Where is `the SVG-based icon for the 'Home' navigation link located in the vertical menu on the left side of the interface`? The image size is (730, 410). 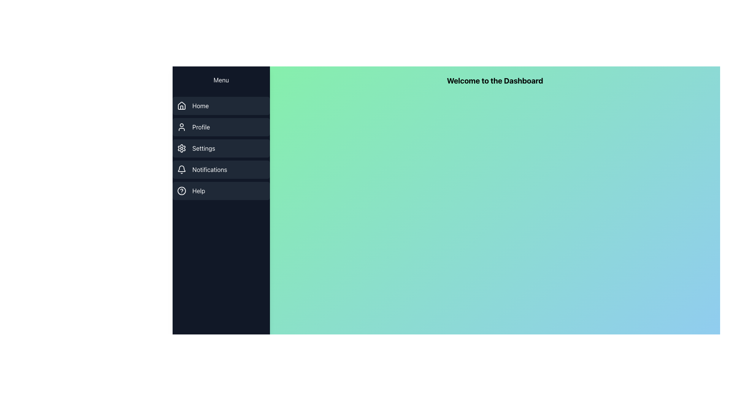 the SVG-based icon for the 'Home' navigation link located in the vertical menu on the left side of the interface is located at coordinates (181, 106).